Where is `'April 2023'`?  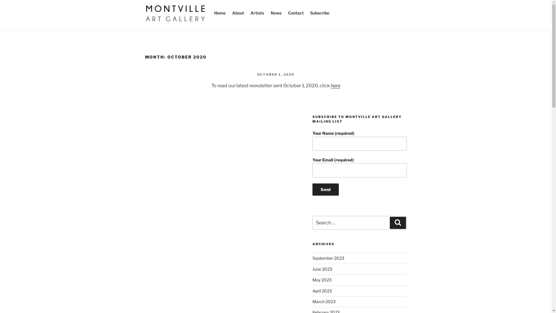
'April 2023' is located at coordinates (312, 291).